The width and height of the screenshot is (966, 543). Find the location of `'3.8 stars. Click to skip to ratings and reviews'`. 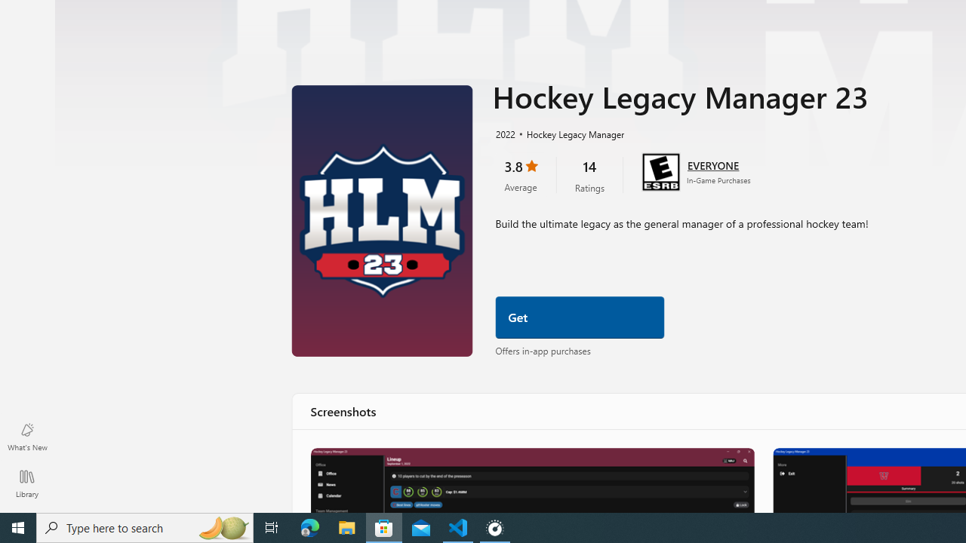

'3.8 stars. Click to skip to ratings and reviews' is located at coordinates (520, 174).